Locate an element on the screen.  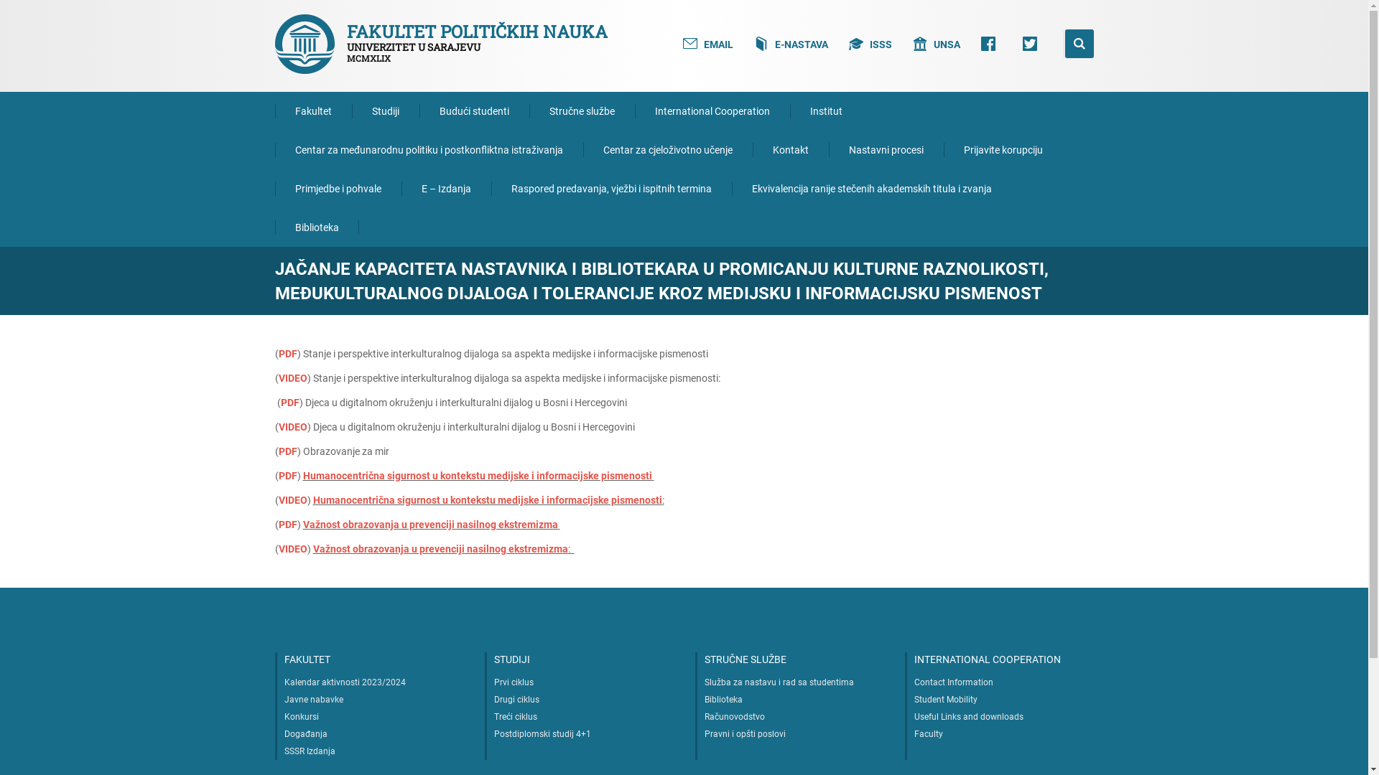
'Postdiplomski studij 4+1' is located at coordinates (542, 733).